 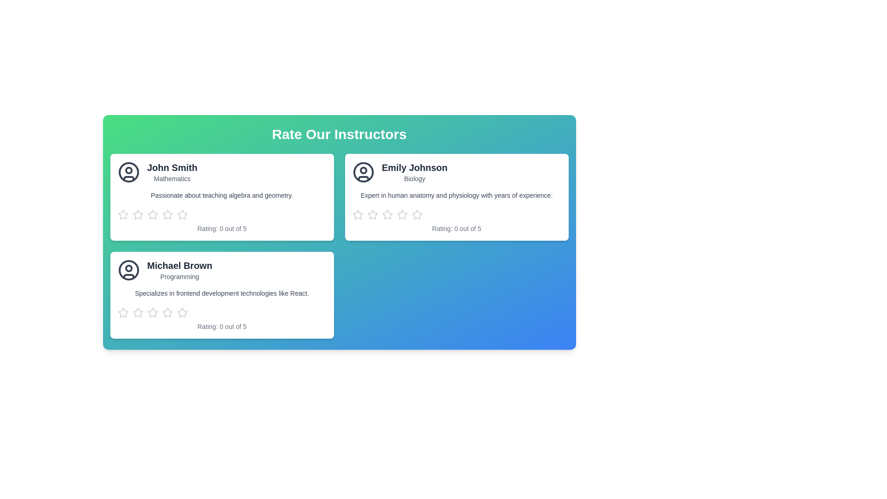 What do you see at coordinates (456, 195) in the screenshot?
I see `the text element displaying 'Expert in human anatomy and physiology with years of experience.' within the card for instructor 'Emily Johnson'` at bounding box center [456, 195].